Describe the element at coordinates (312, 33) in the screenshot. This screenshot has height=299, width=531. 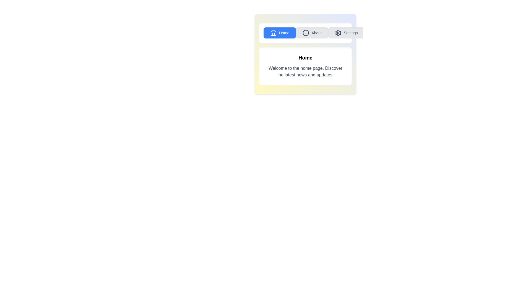
I see `the button labeled About to observe its visual change` at that location.